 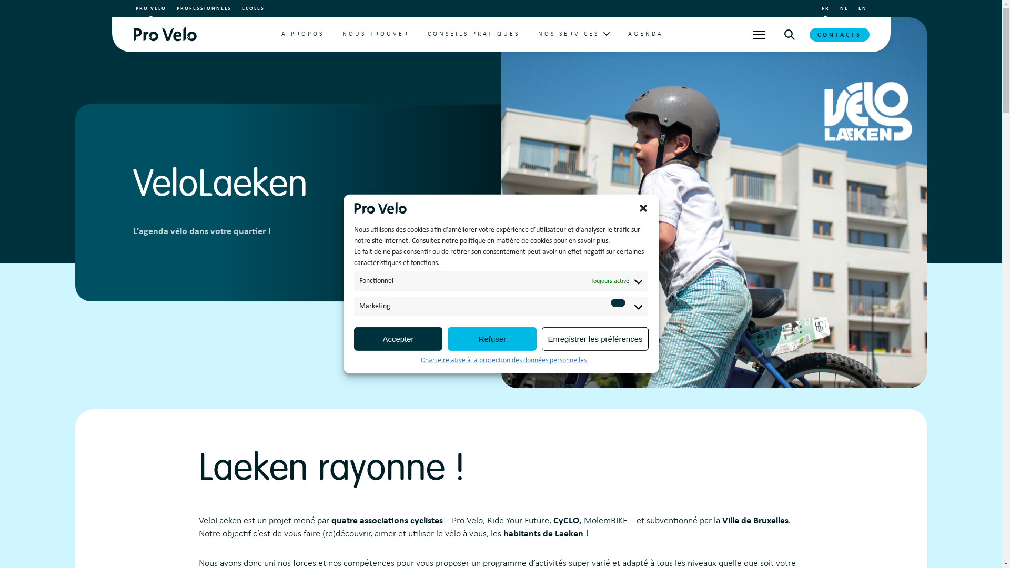 What do you see at coordinates (838, 34) in the screenshot?
I see `'CONTACTS'` at bounding box center [838, 34].